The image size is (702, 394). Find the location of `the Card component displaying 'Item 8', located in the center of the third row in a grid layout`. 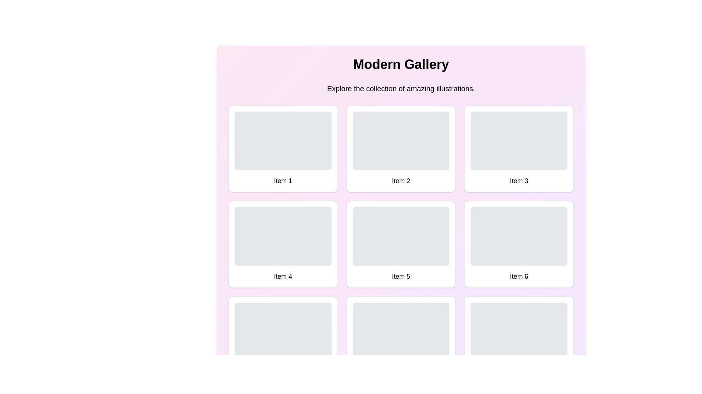

the Card component displaying 'Item 8', located in the center of the third row in a grid layout is located at coordinates (400, 340).